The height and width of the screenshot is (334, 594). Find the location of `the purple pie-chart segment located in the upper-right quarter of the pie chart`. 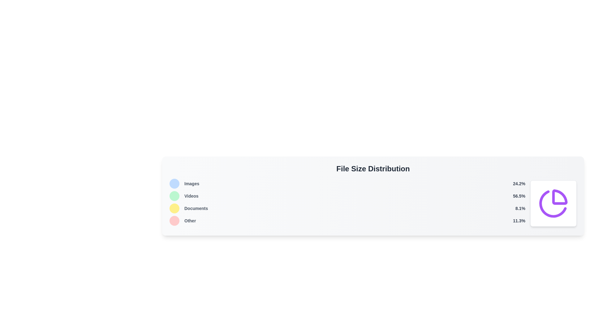

the purple pie-chart segment located in the upper-right quarter of the pie chart is located at coordinates (553, 204).